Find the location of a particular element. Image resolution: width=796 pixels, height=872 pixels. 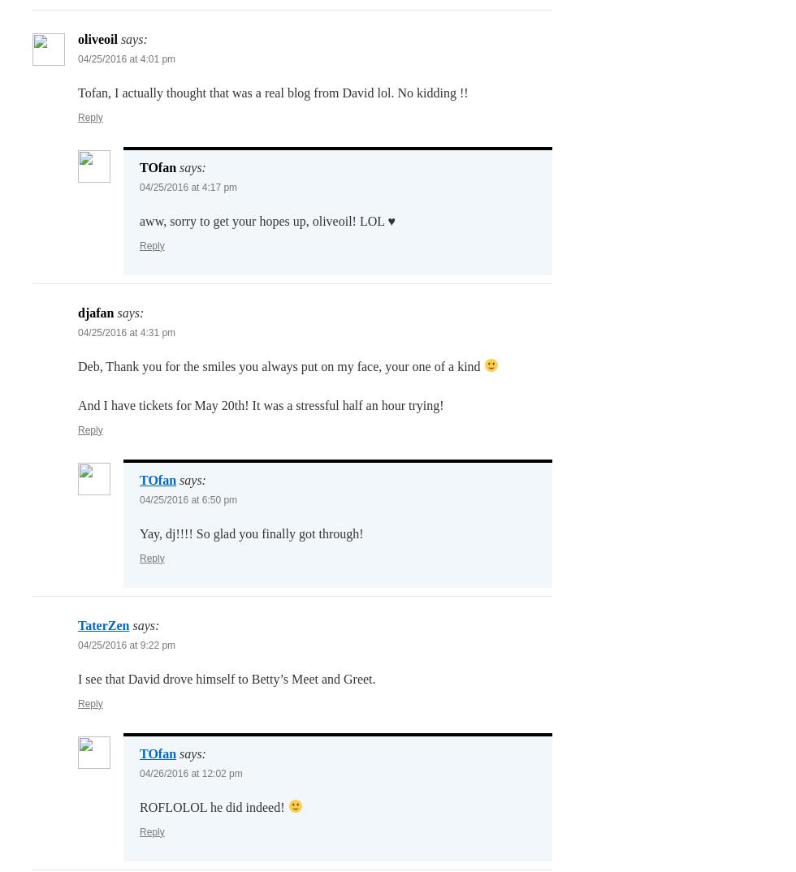

'ROFLOLOL he did indeed!' is located at coordinates (214, 805).